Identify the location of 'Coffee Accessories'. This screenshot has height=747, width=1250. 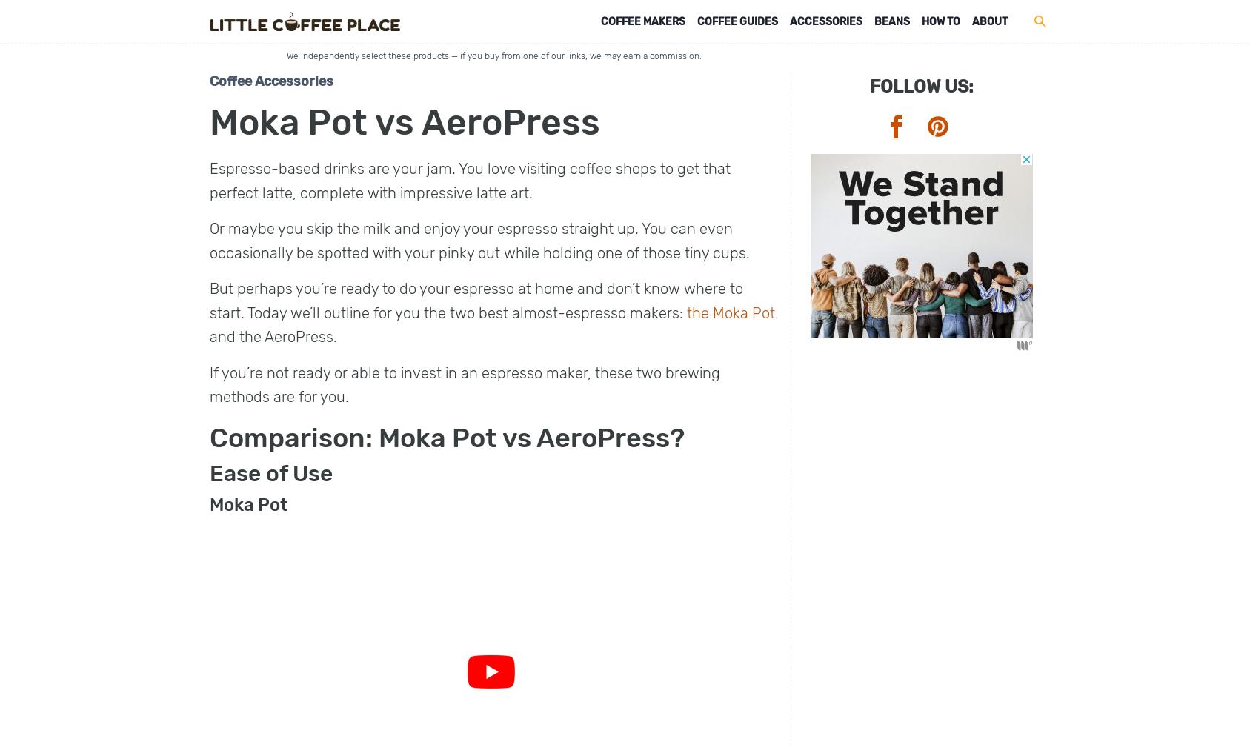
(271, 80).